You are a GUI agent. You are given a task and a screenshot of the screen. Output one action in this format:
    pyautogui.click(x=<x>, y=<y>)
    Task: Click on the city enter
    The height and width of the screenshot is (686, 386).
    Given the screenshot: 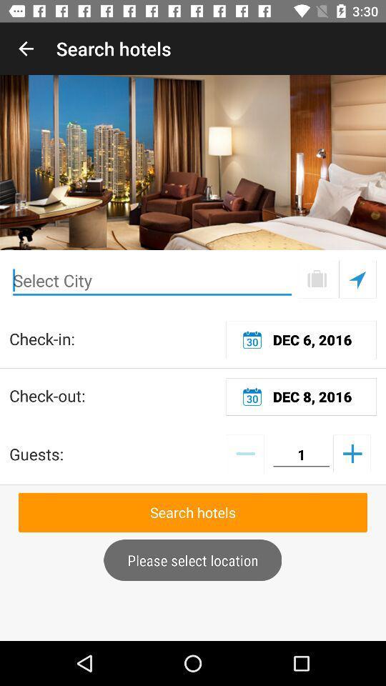 What is the action you would take?
    pyautogui.click(x=152, y=280)
    